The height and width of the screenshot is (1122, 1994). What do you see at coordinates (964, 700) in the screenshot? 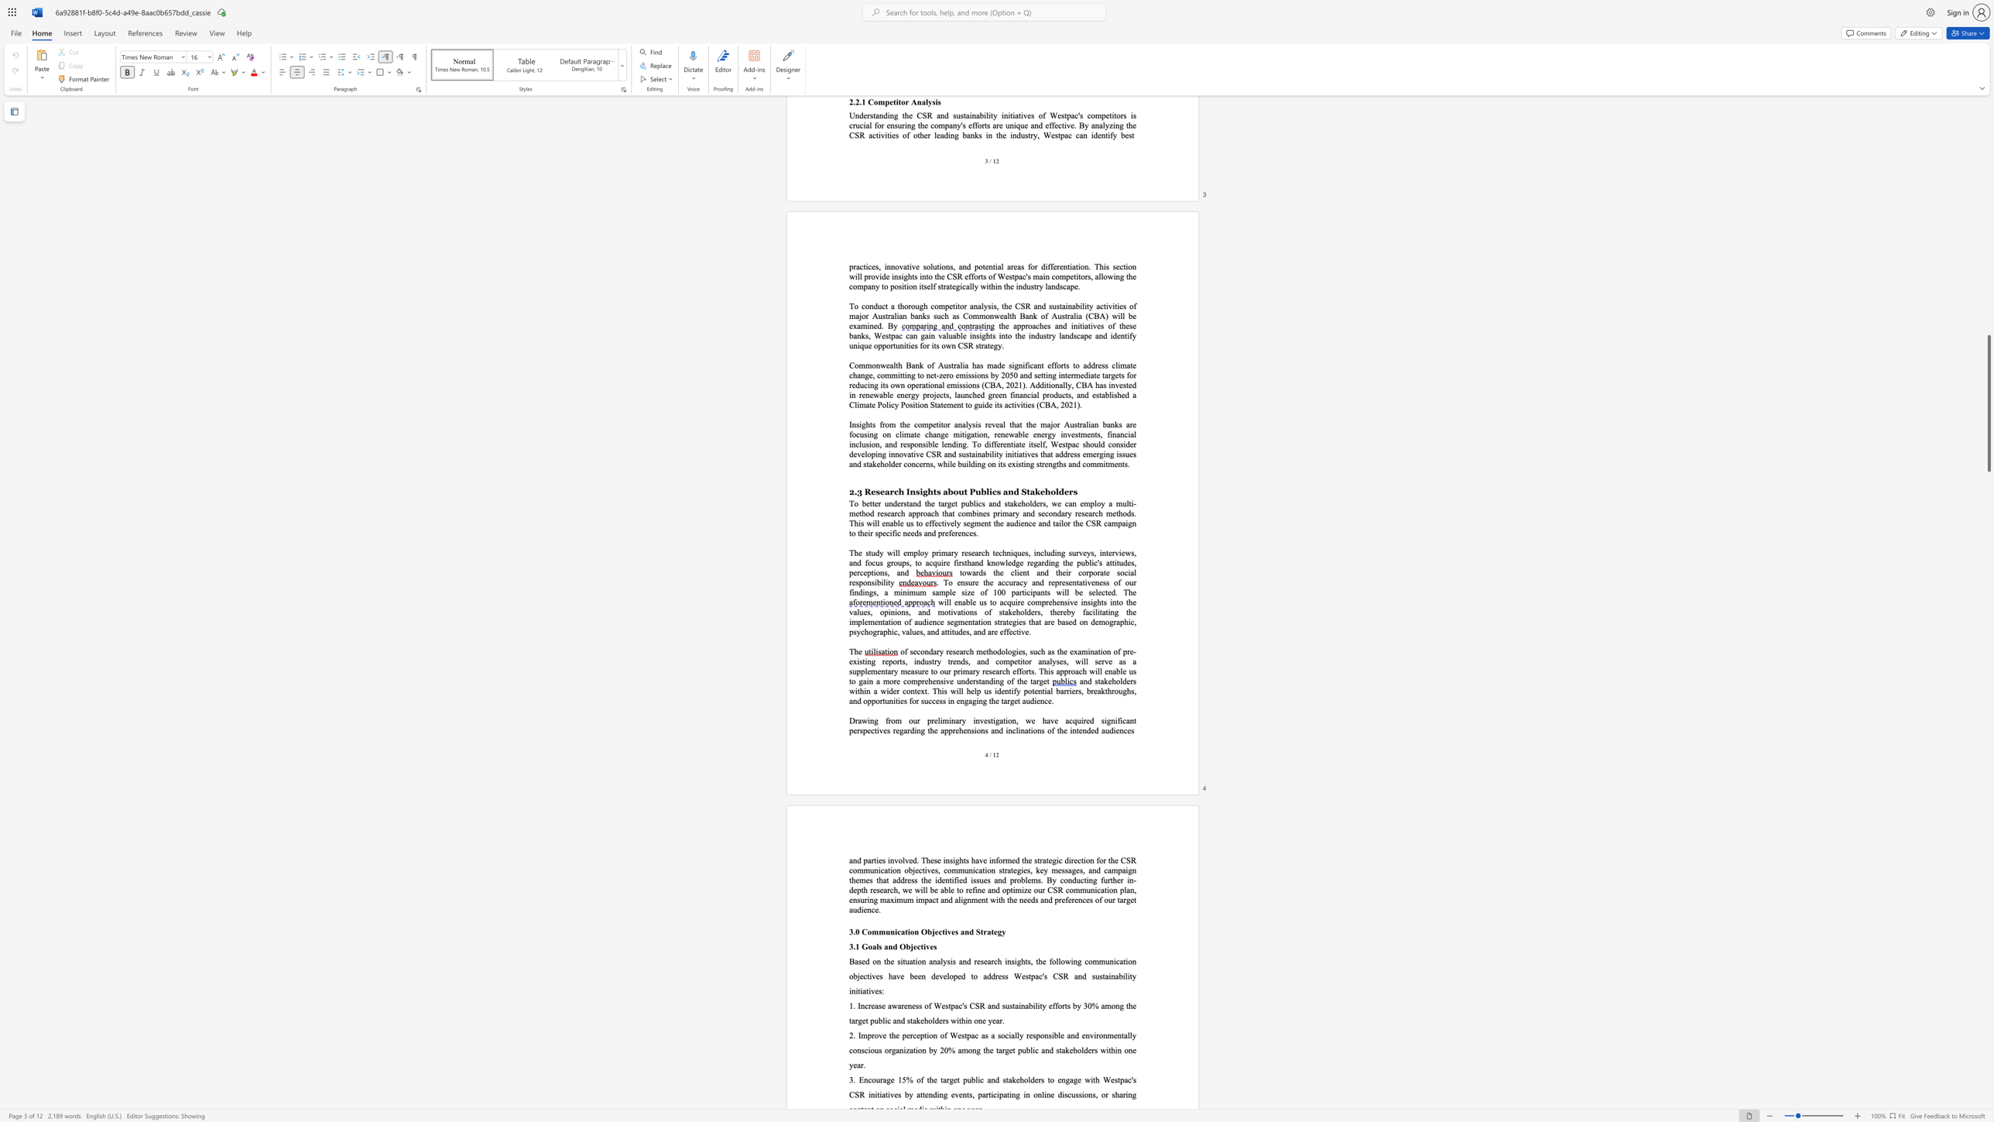
I see `the subset text "gaging t" within the text "potential barriers, breakthroughs, and opportunities for success in engaging the target audience."` at bounding box center [964, 700].